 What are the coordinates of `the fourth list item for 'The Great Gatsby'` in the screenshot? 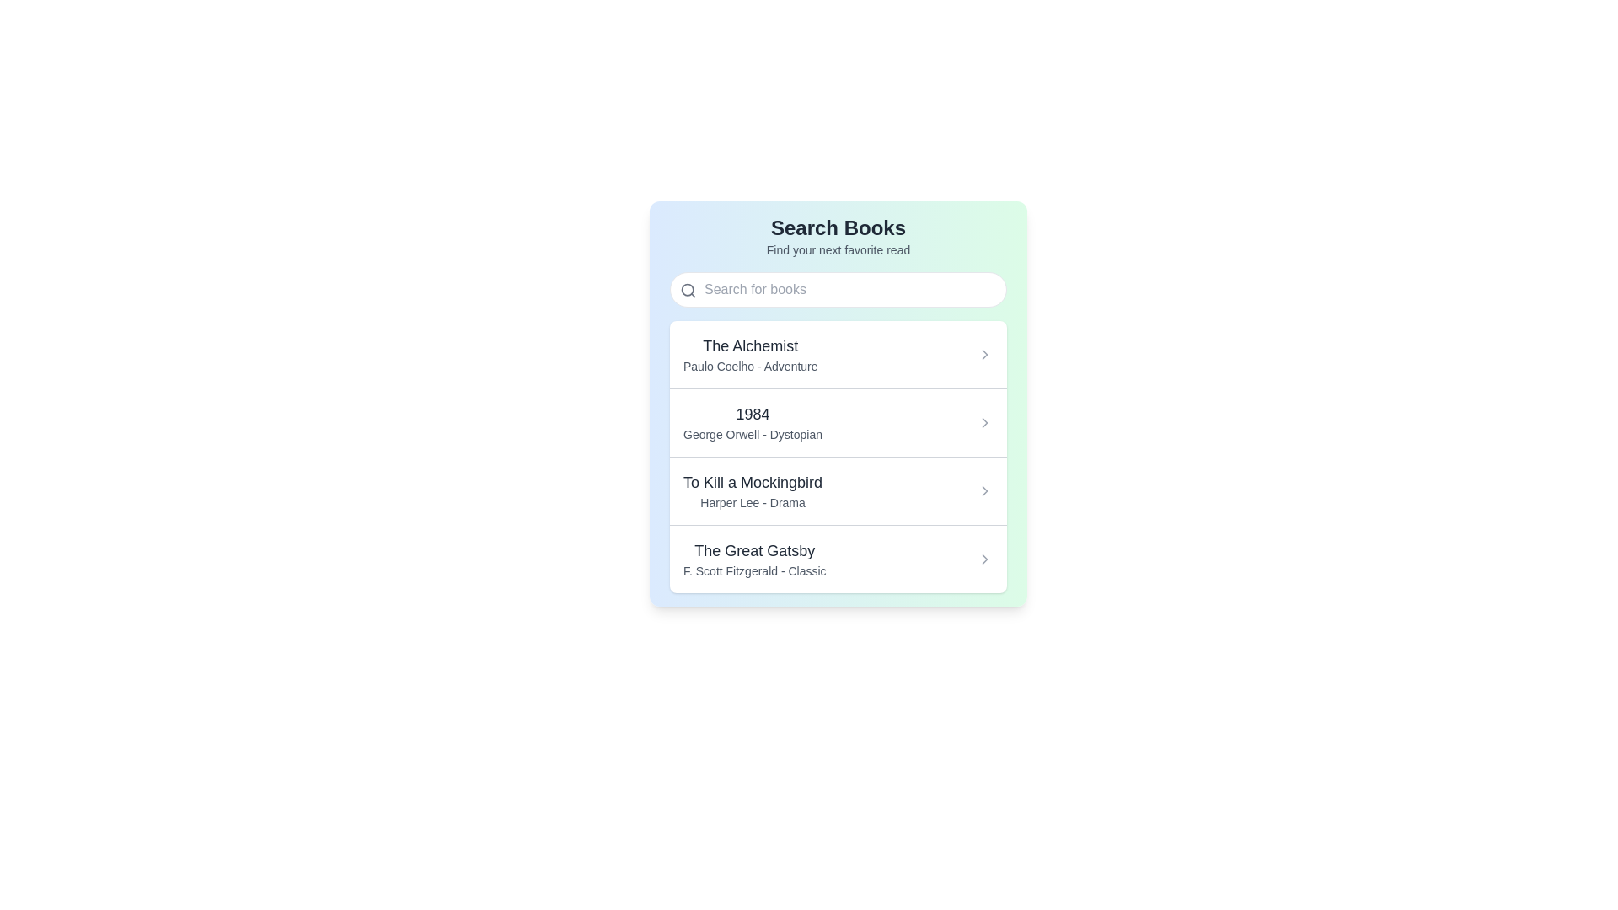 It's located at (838, 559).